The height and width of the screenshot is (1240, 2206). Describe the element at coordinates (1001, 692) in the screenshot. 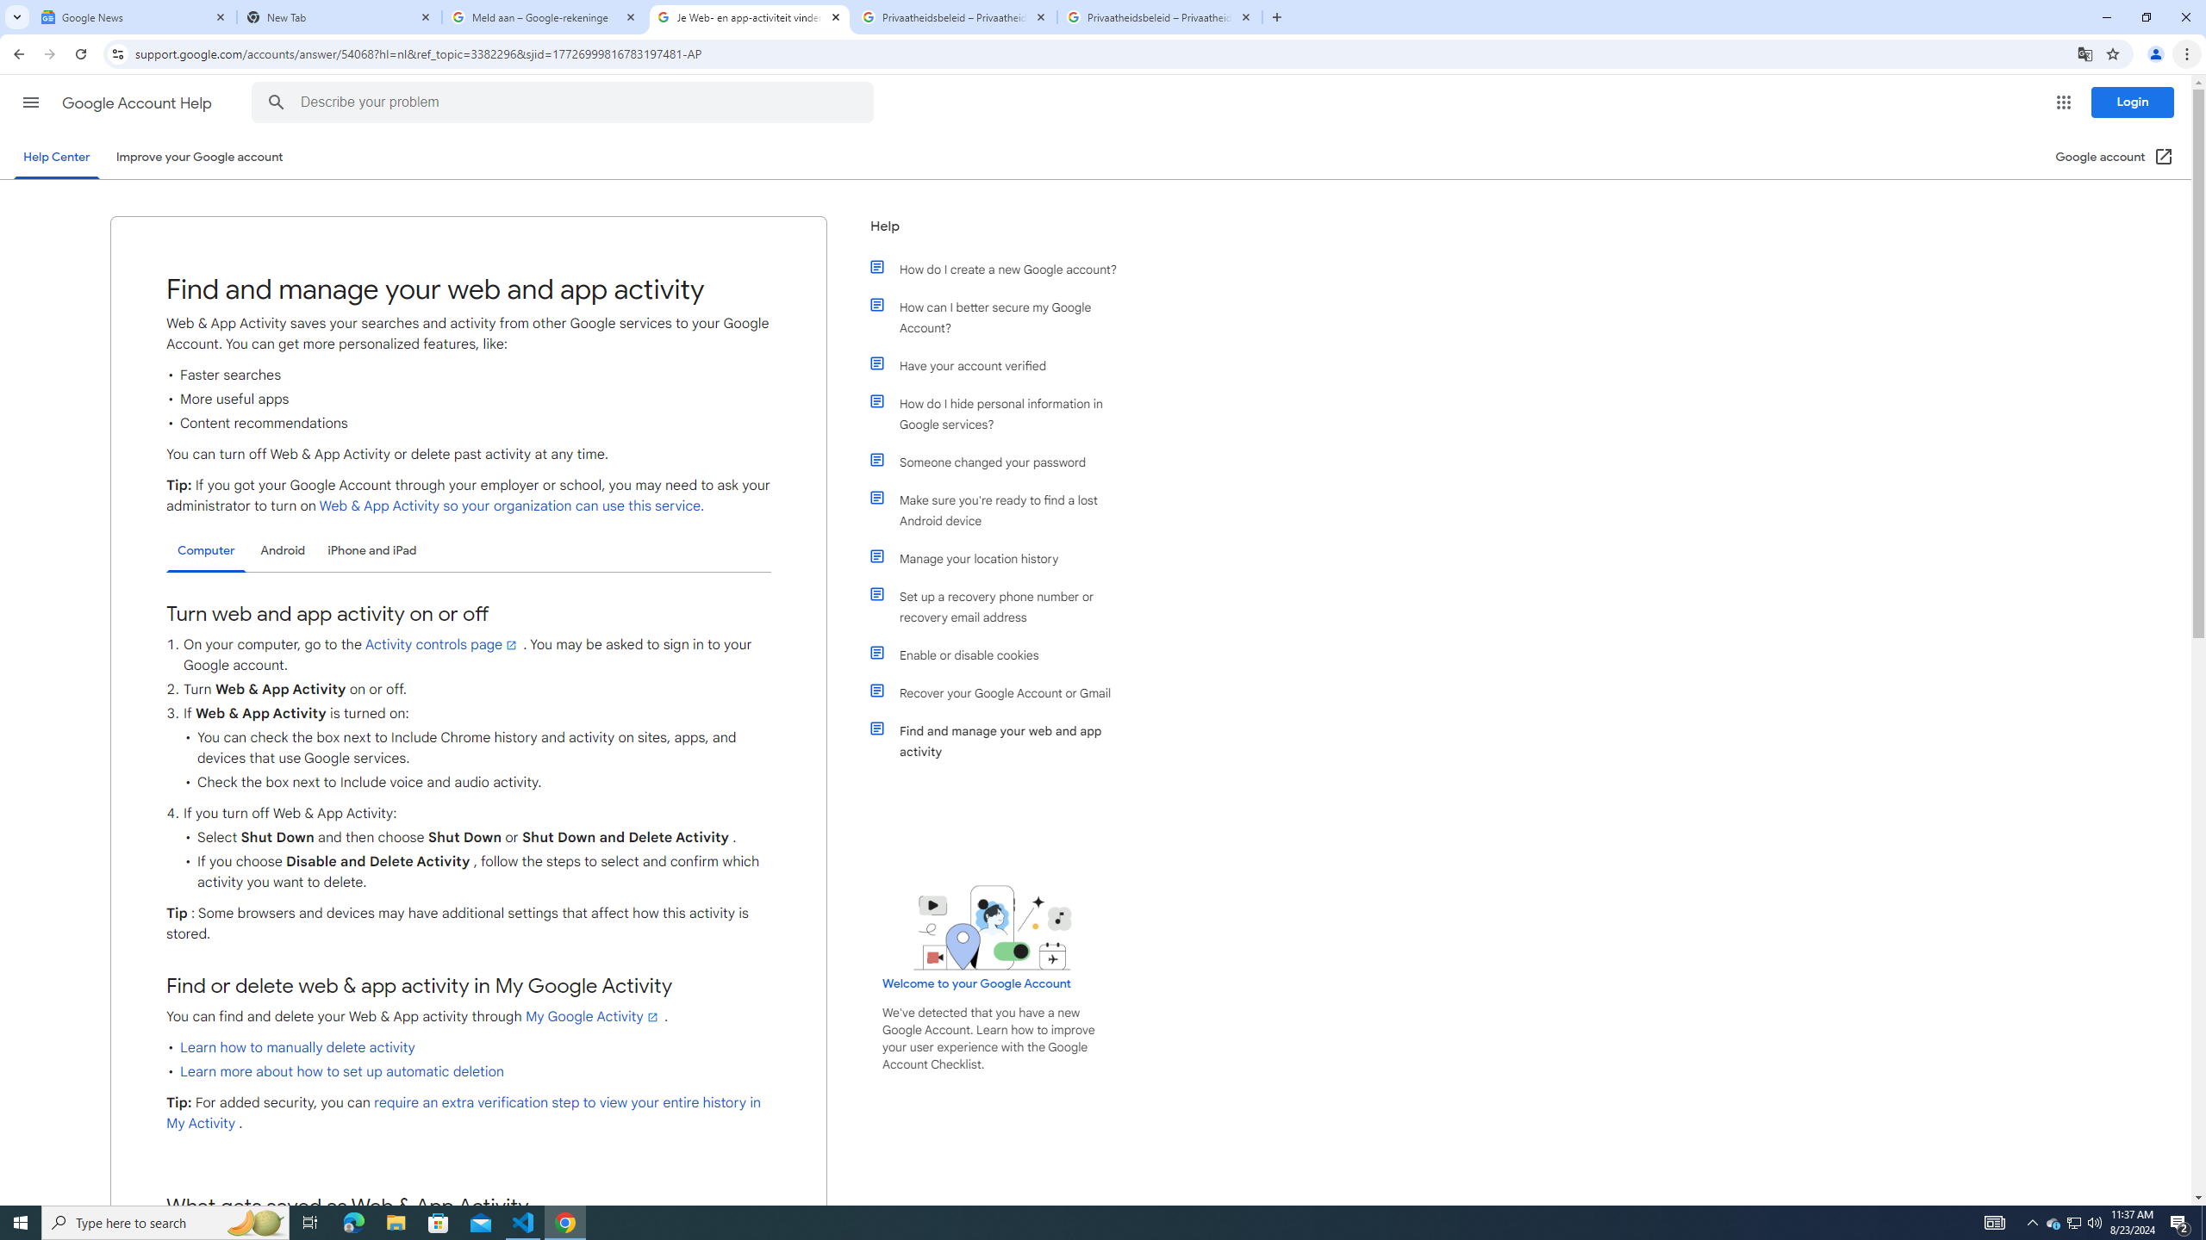

I see `'Recover your Google Account or Gmail'` at that location.